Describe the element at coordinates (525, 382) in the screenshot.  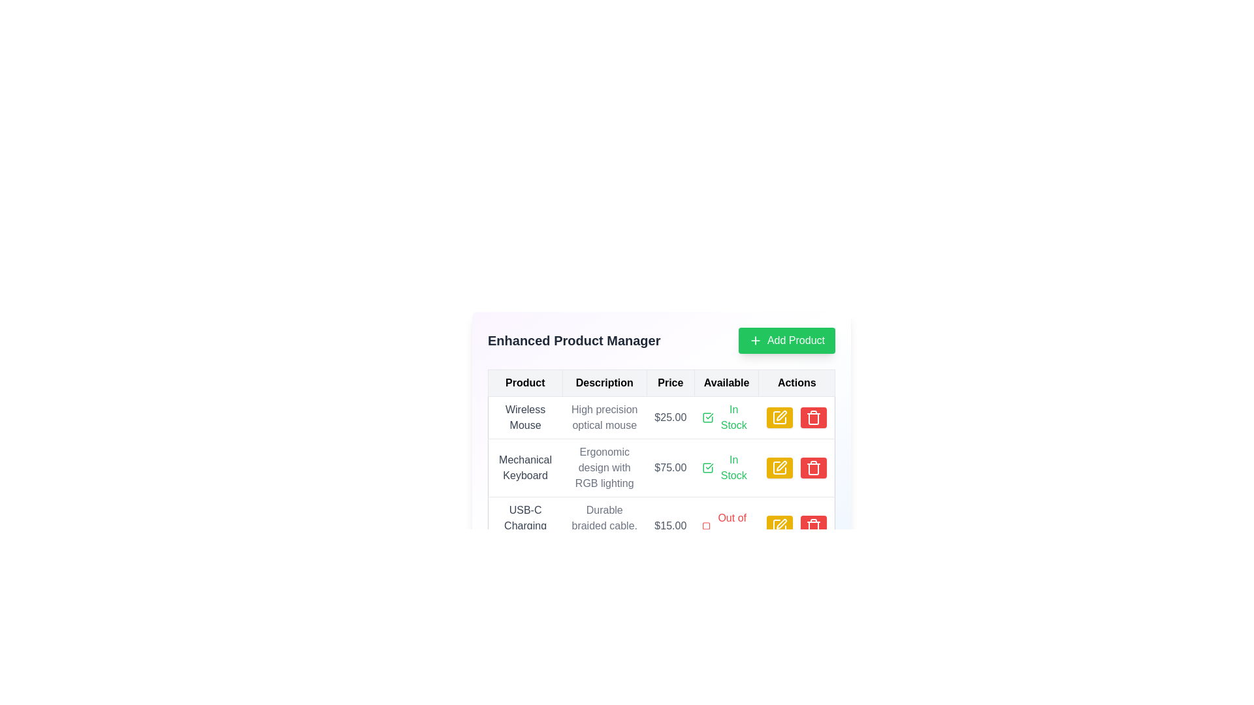
I see `the 'Product' text label, which is the first cell in the header row of a table, styled with borders and a light gray background` at that location.